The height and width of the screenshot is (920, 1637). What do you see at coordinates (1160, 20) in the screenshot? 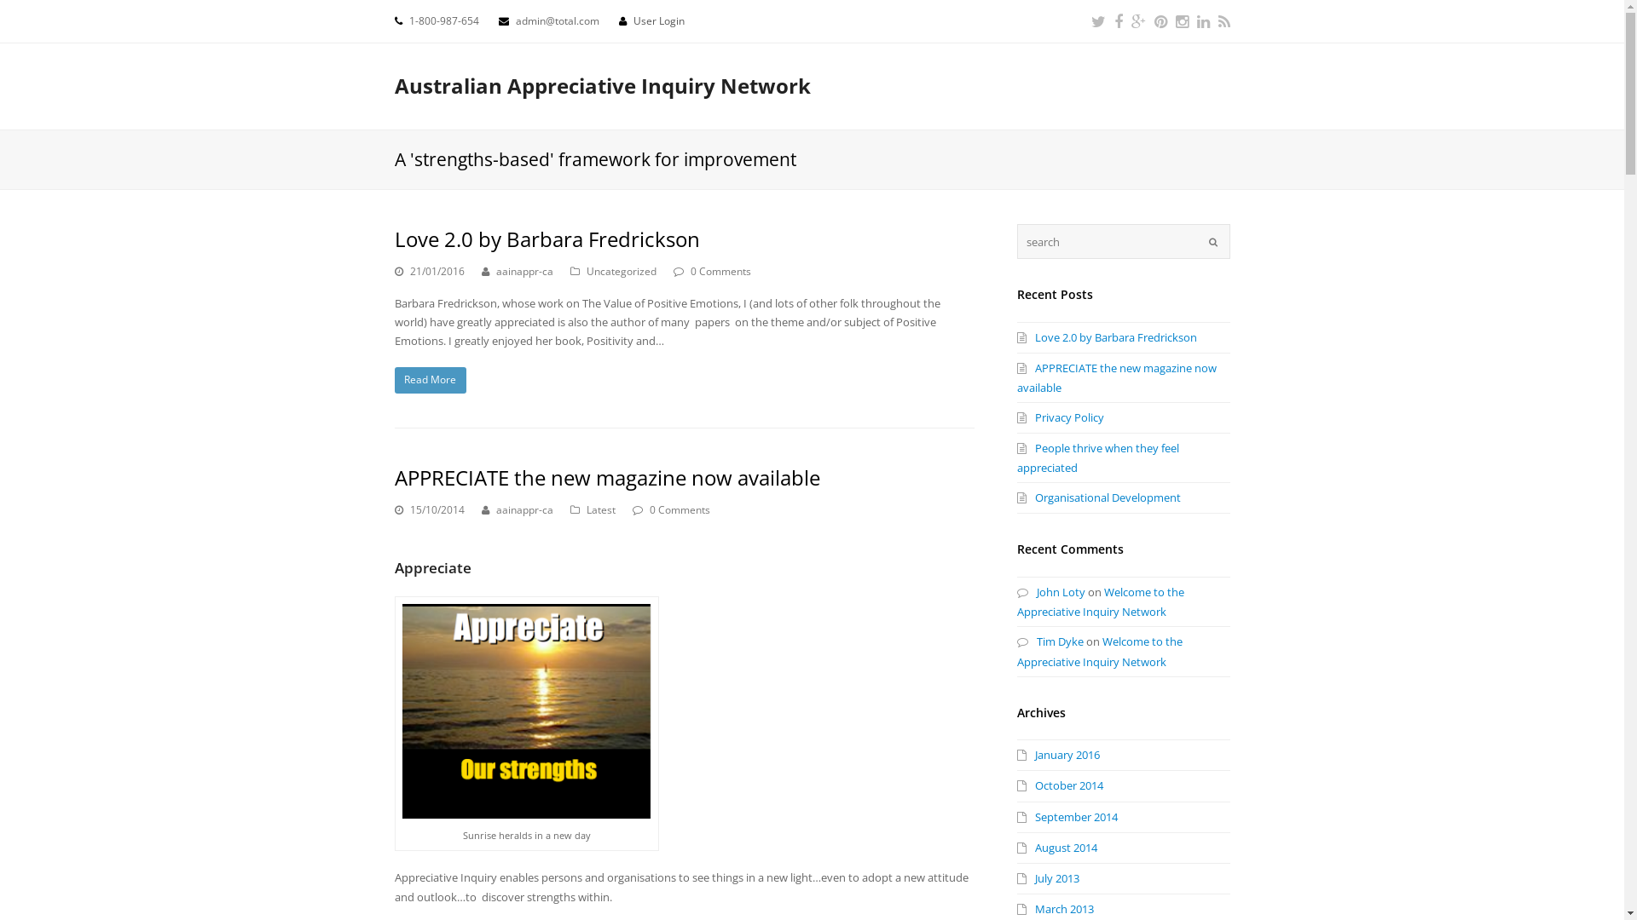
I see `'Pinterest'` at bounding box center [1160, 20].